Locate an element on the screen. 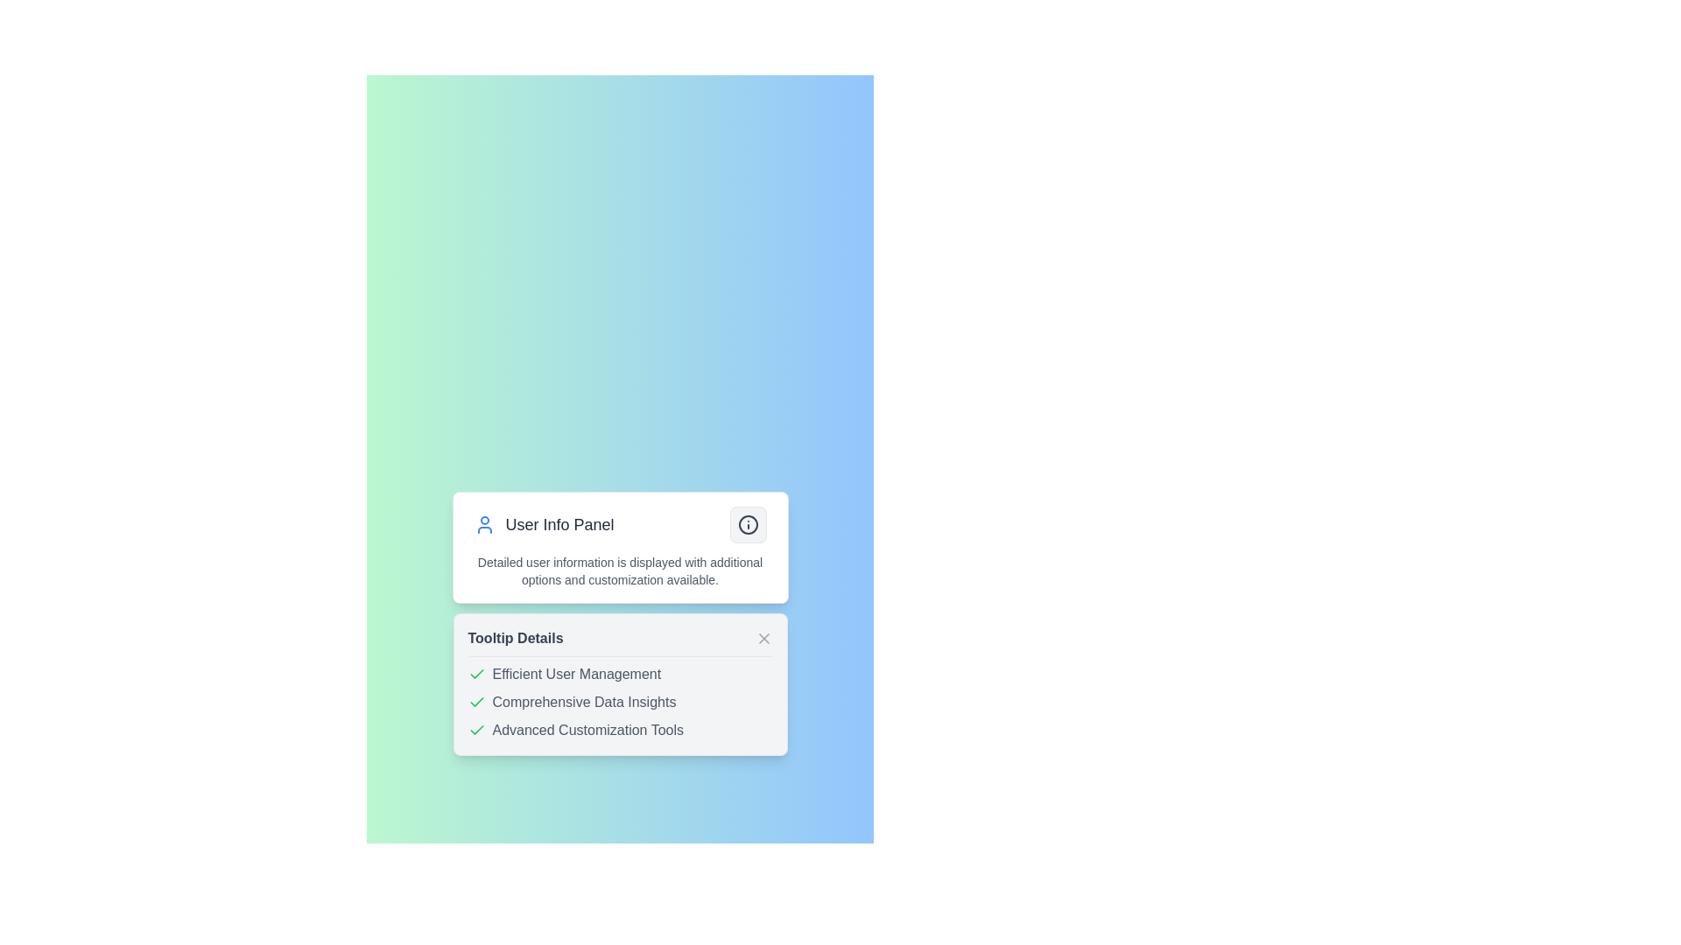 This screenshot has width=1681, height=945. the text label displaying 'User Info Panel', which is styled in dark gray and positioned prominently to the right of the user icon is located at coordinates (559, 524).